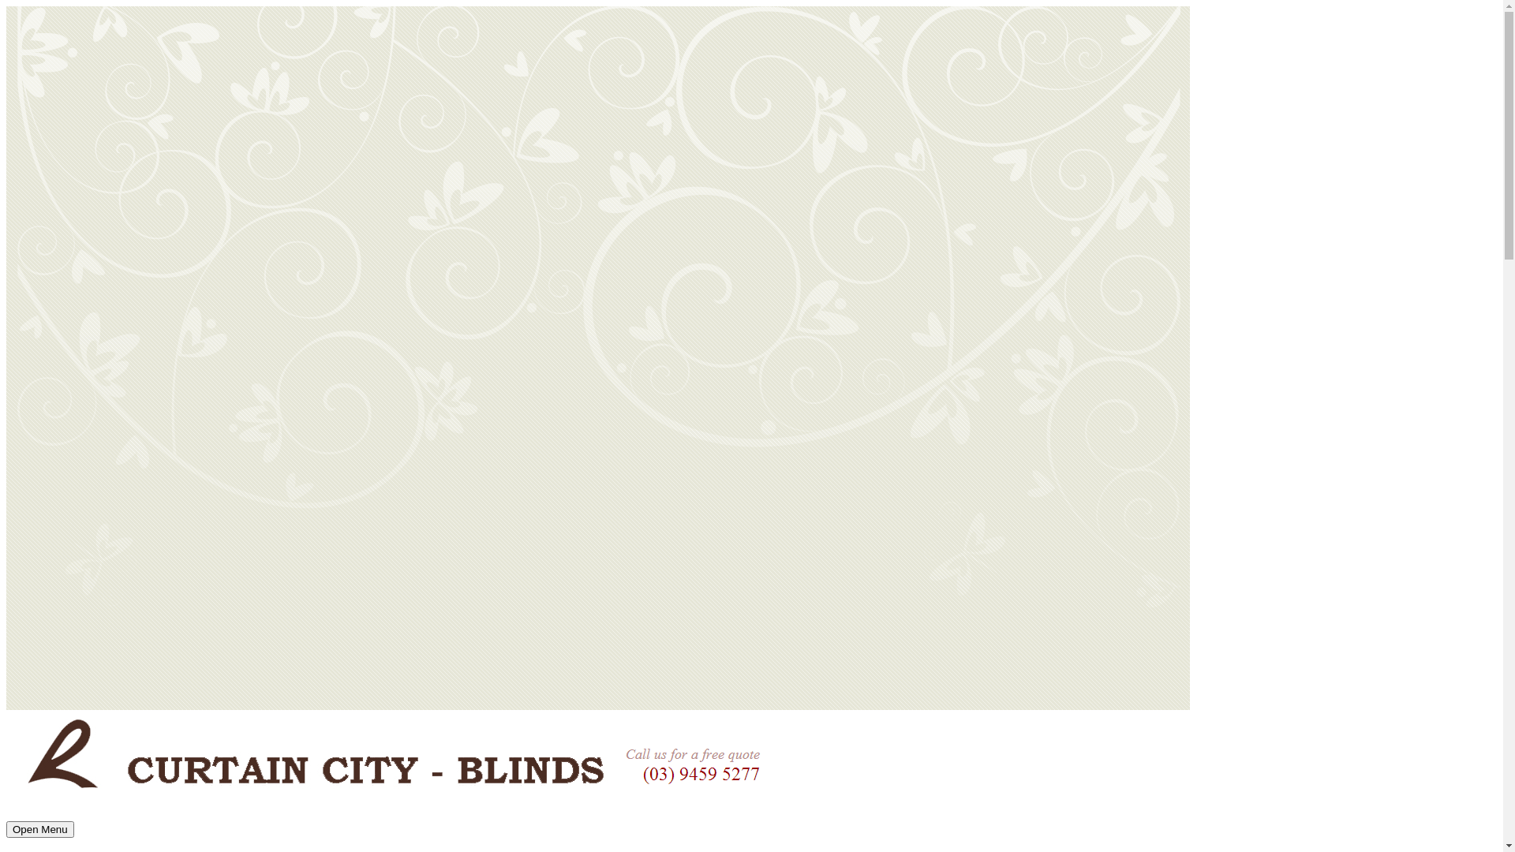 The image size is (1515, 852). I want to click on 'Open Menu', so click(40, 828).